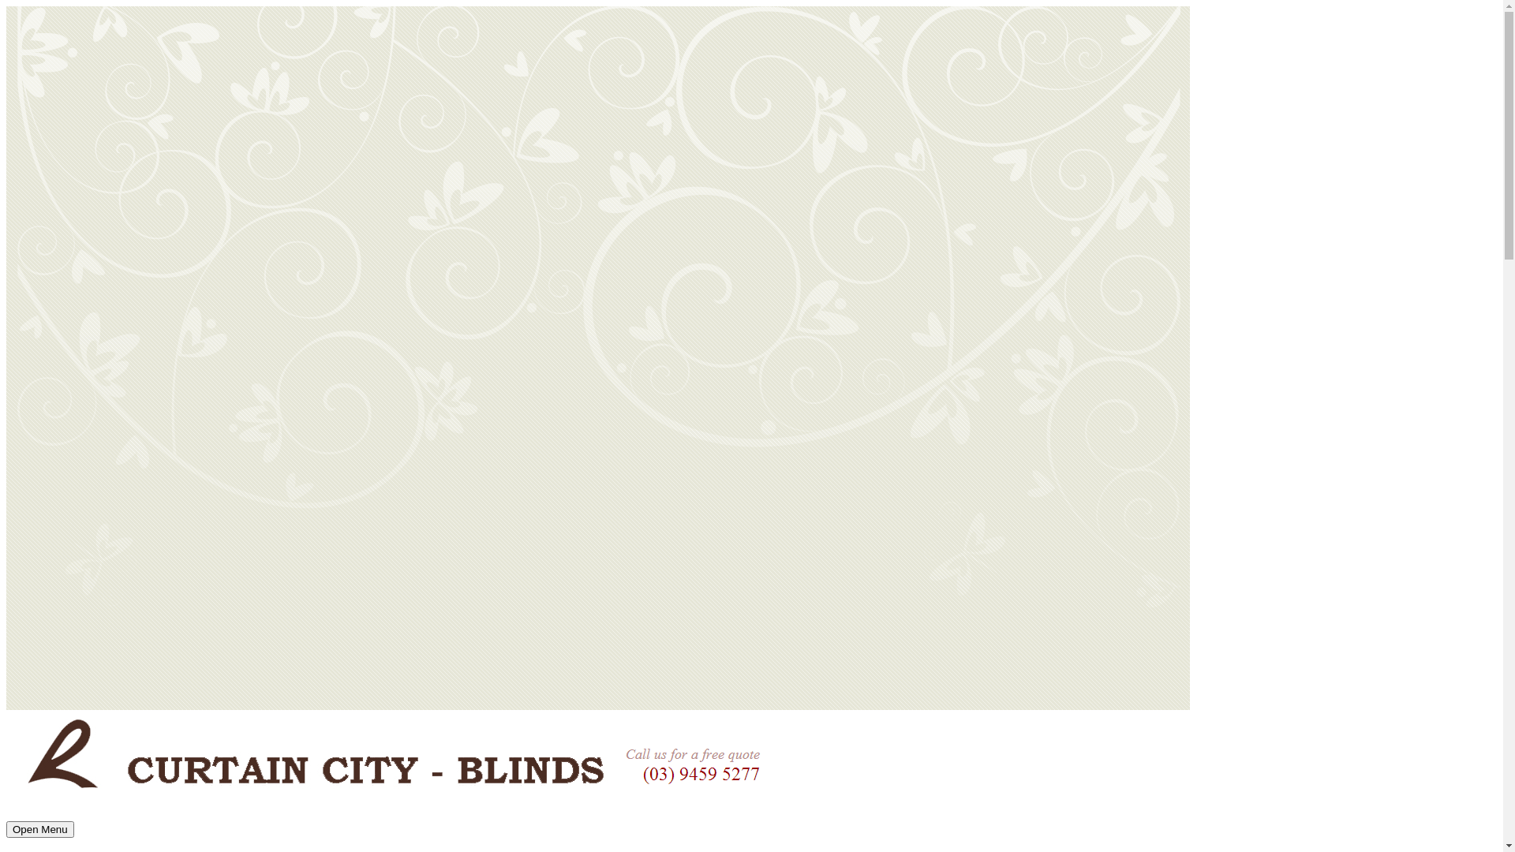 The image size is (1515, 852). I want to click on 'Open Menu', so click(40, 828).